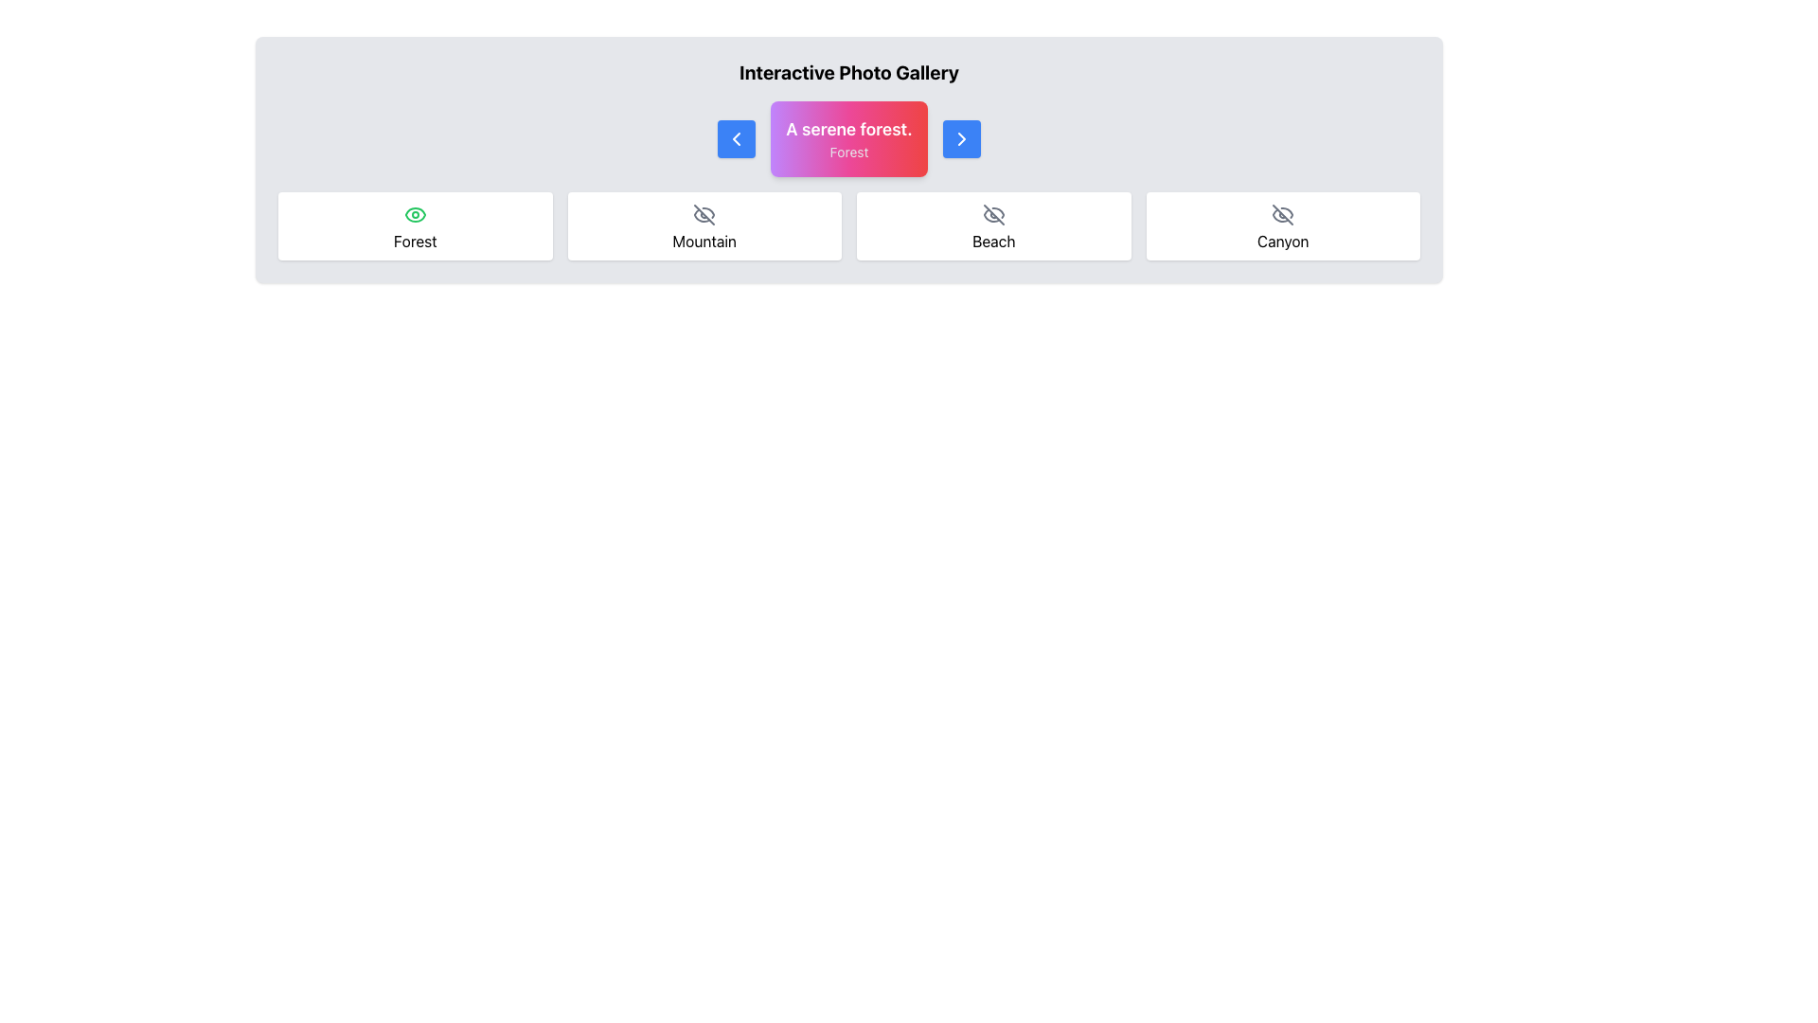 The width and height of the screenshot is (1818, 1023). I want to click on the 'Mountain' icon toggle button, which is the second button from the left in the row under the 'Interactive Photo Gallery' section, so click(704, 214).